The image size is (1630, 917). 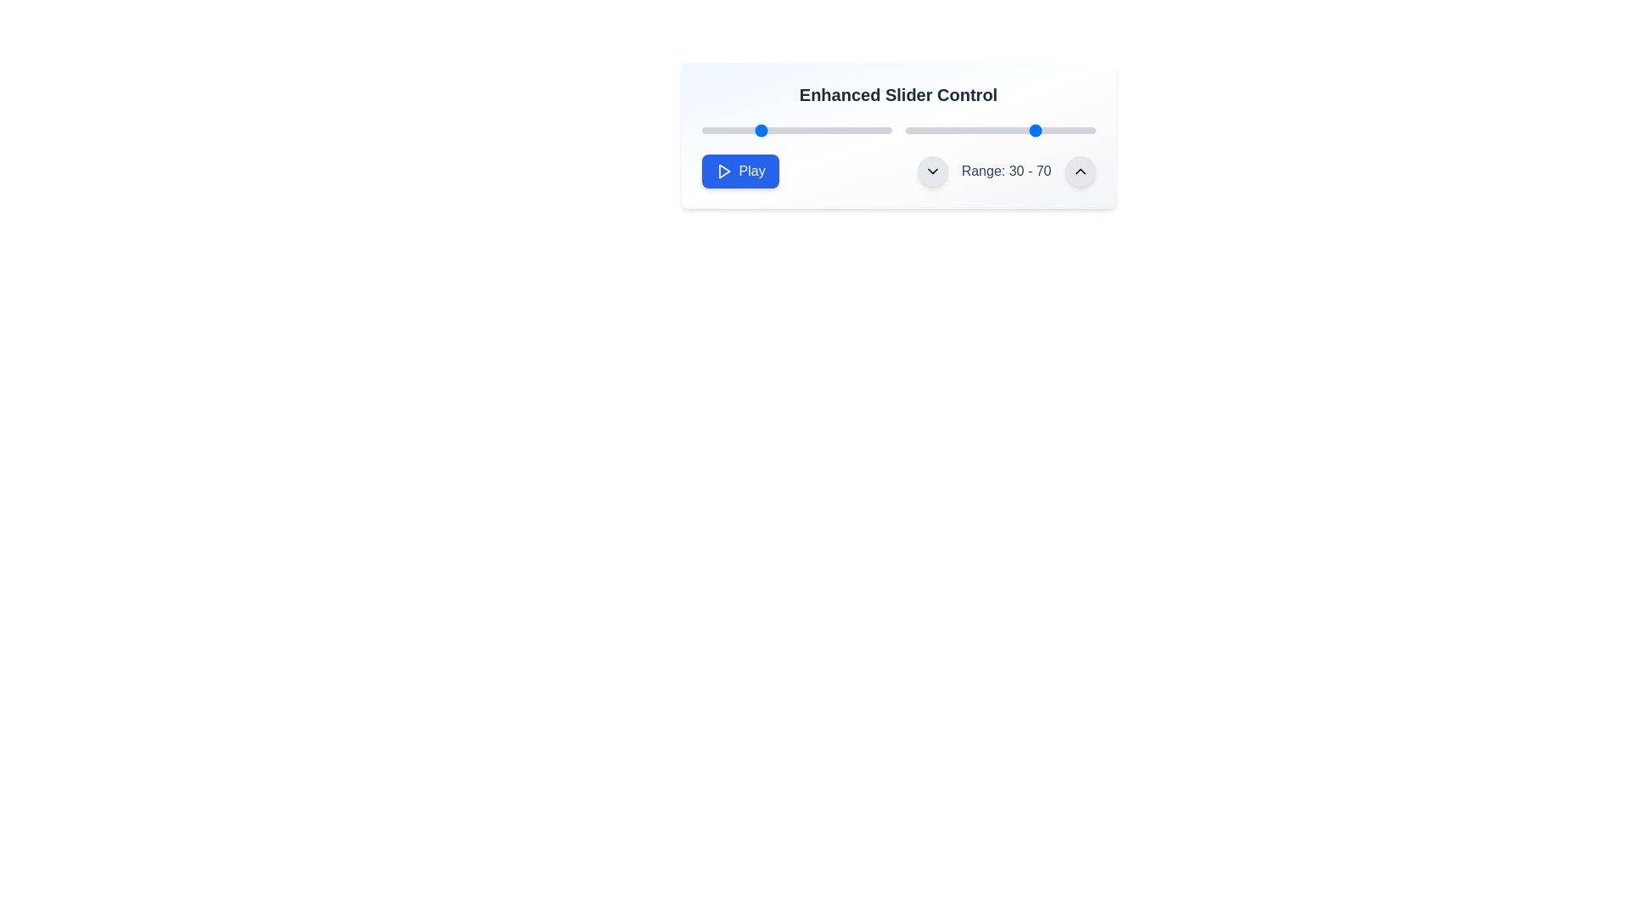 I want to click on the blue 'Play' button with rounded corners and a white play icon, so click(x=740, y=171).